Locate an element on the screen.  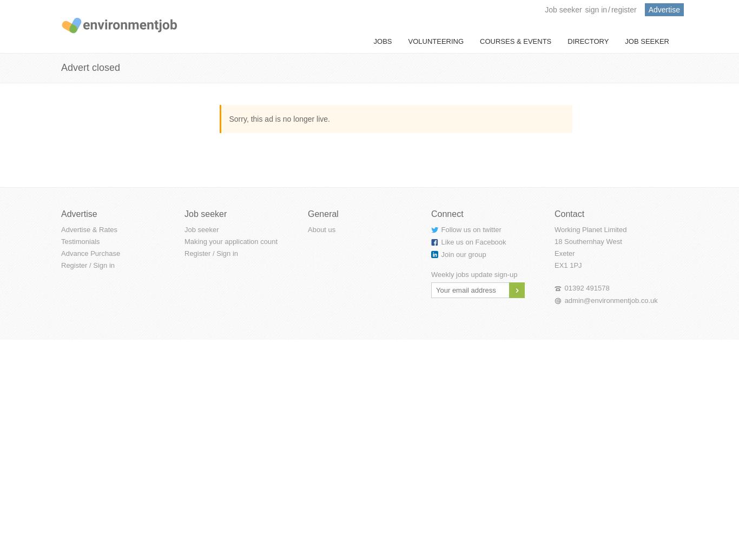
'Courses & Events' is located at coordinates (479, 41).